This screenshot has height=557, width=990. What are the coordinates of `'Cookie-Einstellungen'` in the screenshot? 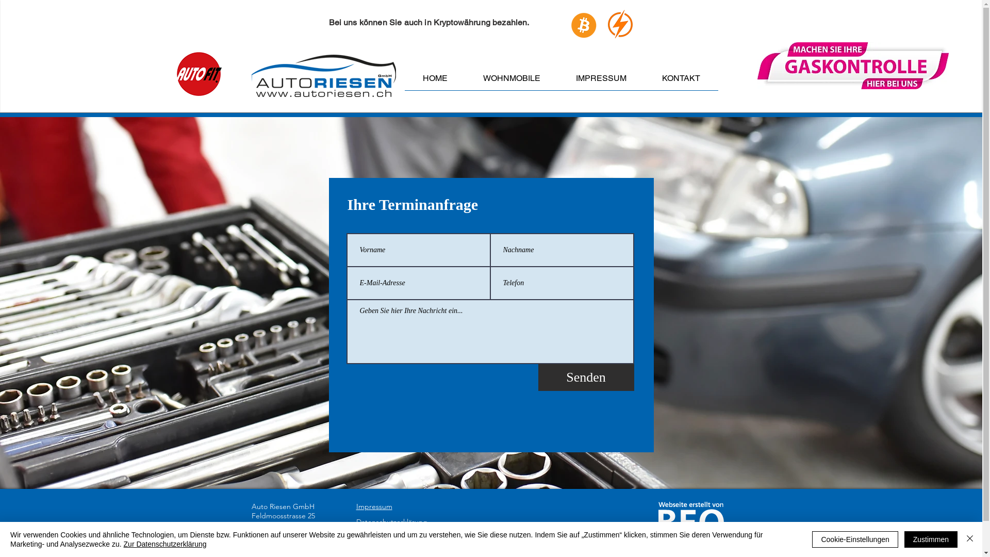 It's located at (854, 538).